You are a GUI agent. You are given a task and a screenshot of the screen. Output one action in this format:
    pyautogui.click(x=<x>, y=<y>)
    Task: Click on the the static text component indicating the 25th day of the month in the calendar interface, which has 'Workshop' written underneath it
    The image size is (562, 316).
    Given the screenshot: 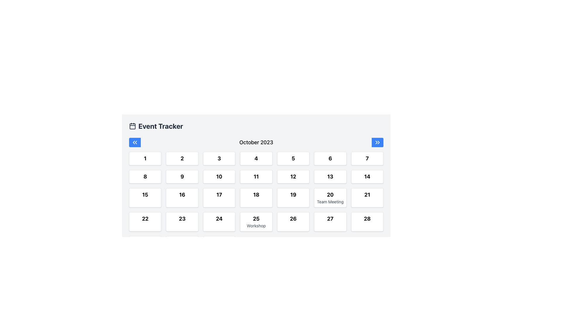 What is the action you would take?
    pyautogui.click(x=256, y=219)
    